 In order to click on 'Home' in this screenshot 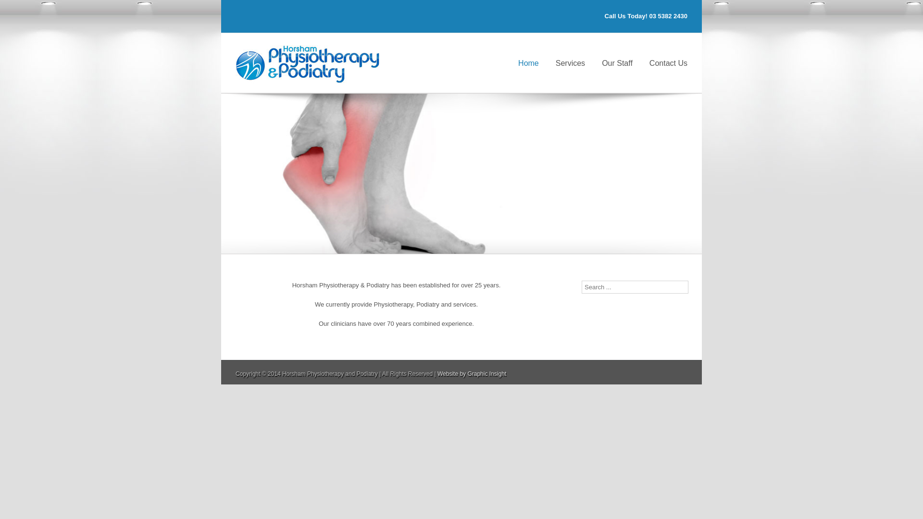, I will do `click(528, 62)`.